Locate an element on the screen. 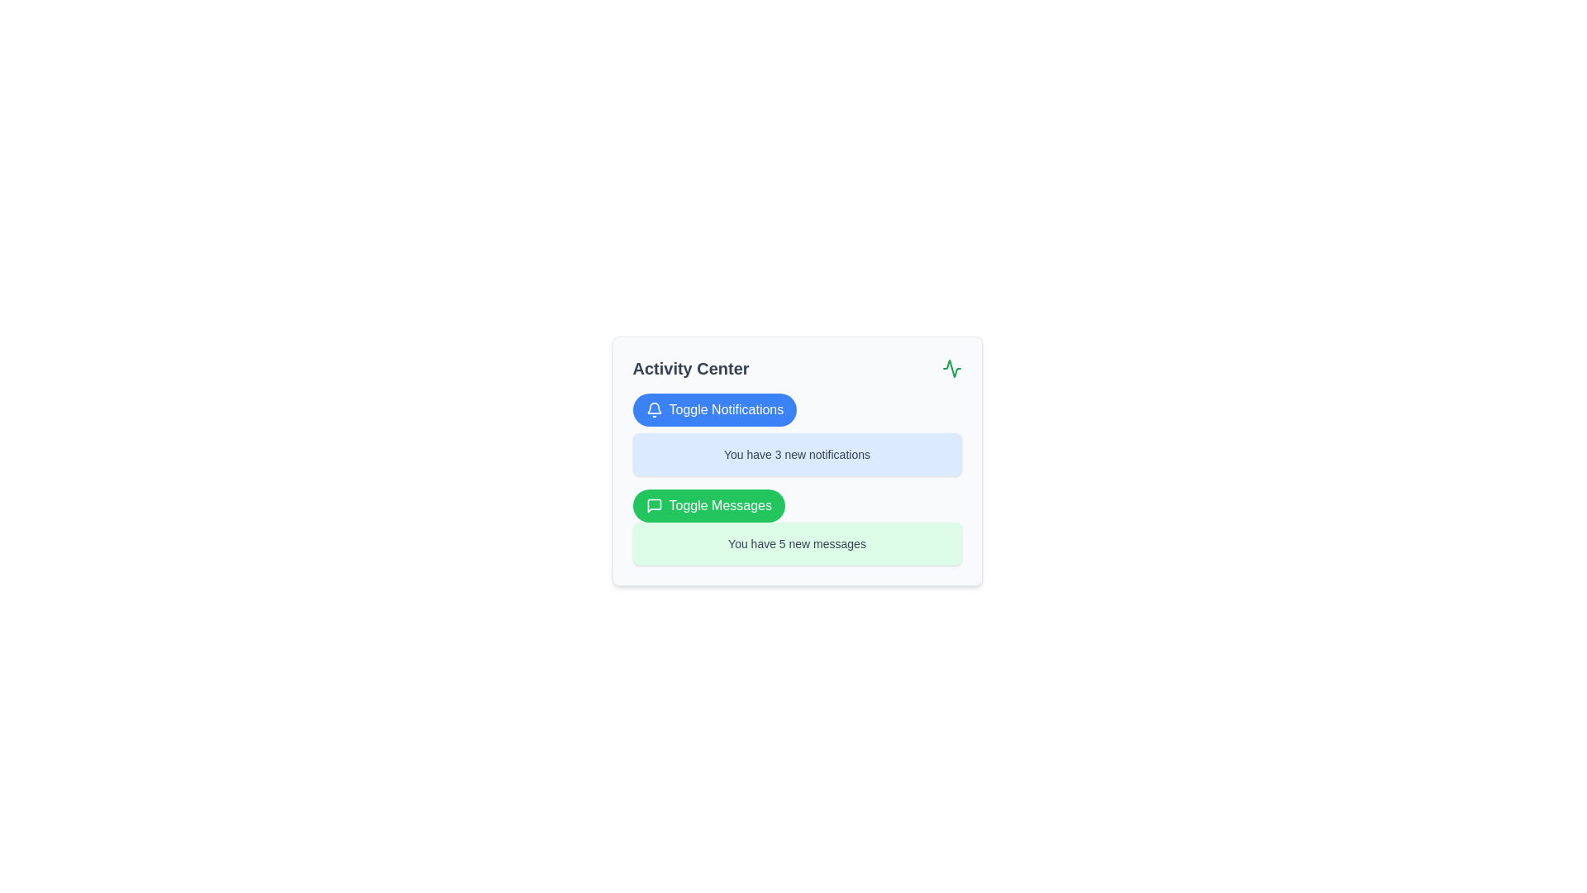  informational message text displayed in the green notification box, located below the 'Toggle Messages' button in the lower portion of the main Activity Center panel is located at coordinates (797, 544).